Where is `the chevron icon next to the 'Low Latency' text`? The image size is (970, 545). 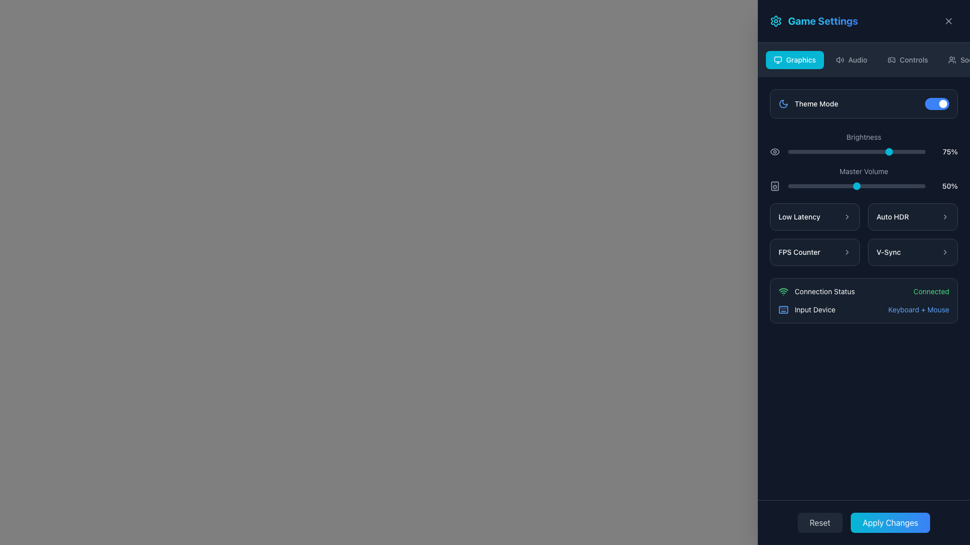
the chevron icon next to the 'Low Latency' text is located at coordinates (847, 216).